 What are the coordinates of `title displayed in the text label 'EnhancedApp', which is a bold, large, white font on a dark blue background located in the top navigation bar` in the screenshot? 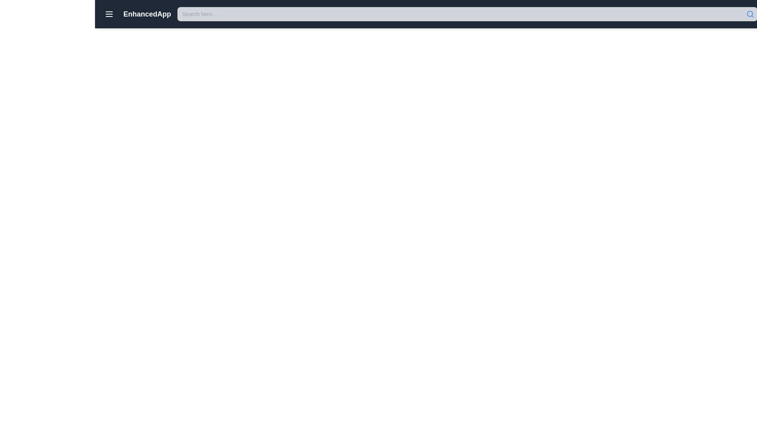 It's located at (147, 14).